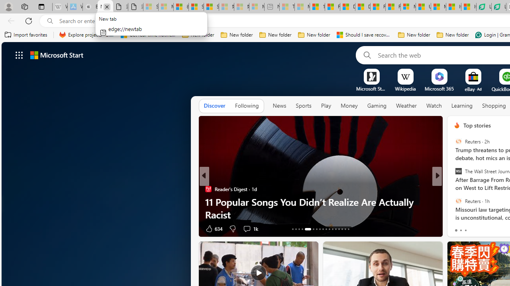 Image resolution: width=510 pixels, height=286 pixels. Describe the element at coordinates (292, 229) in the screenshot. I see `'AutomationID: tab-13'` at that location.